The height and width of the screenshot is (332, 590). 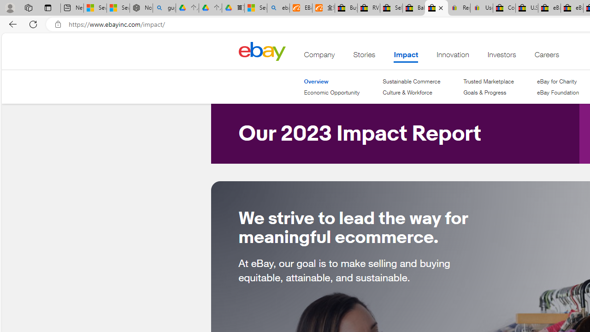 I want to click on 'User Privacy Notice | eBay', so click(x=481, y=8).